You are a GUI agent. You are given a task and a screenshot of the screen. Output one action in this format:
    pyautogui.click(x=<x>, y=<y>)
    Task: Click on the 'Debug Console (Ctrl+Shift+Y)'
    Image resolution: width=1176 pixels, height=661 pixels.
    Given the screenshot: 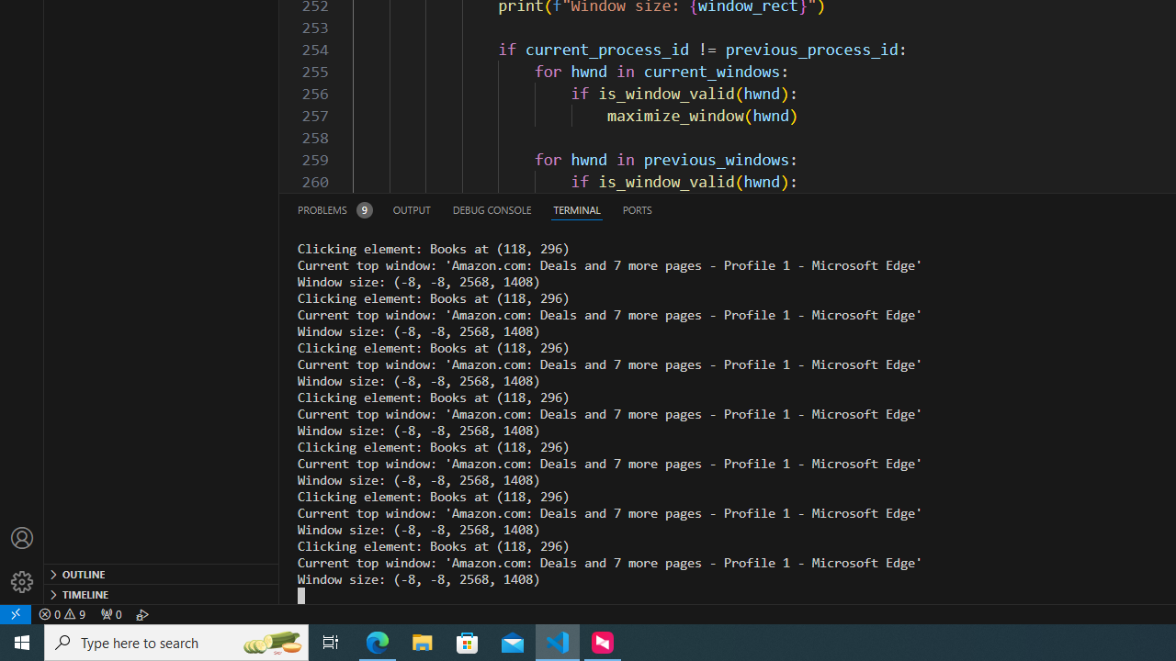 What is the action you would take?
    pyautogui.click(x=492, y=208)
    